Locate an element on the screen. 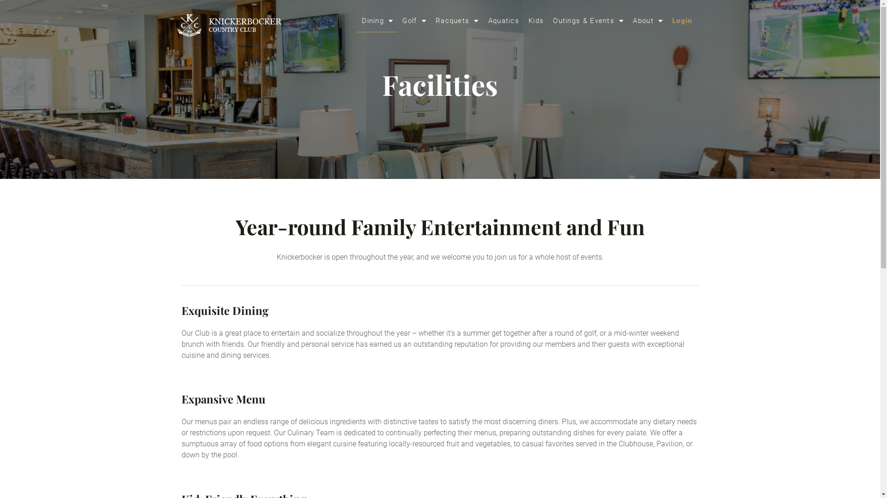 The height and width of the screenshot is (498, 887). 'Outings & Events' is located at coordinates (548, 21).